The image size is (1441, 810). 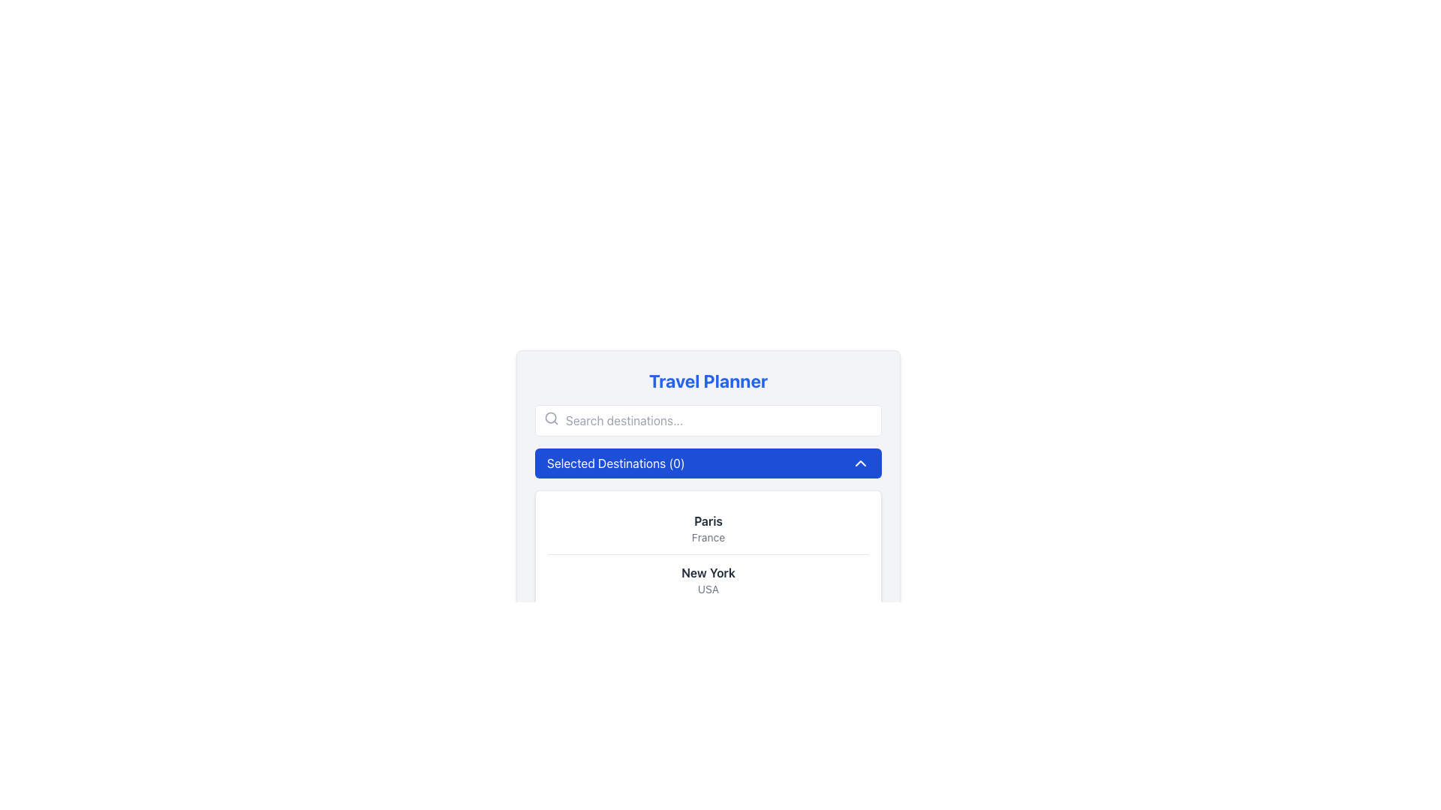 I want to click on the text label displaying 'New York' in bold dark gray, which is positioned above 'USA' in a lighter gray smaller text, so click(x=708, y=572).